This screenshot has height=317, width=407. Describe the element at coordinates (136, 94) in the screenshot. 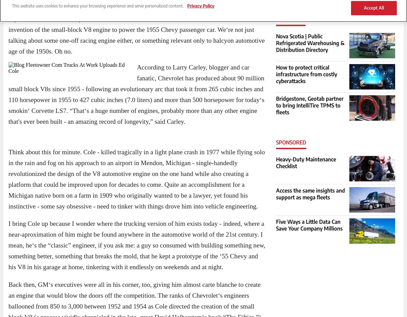

I see `'According to Larry Carley, blogger and car fanatic, Chevrolet has produced about 90 million small block V8s since 1955 - following an evolutionary arc that took it from 265 cubic inches and 110 horsepower in 1955 to 427 cubic inches (7.0 liters) and more than 500 horsepower for today‘s smokin‘ Corvette LS7. “That‘s a huge number of engines, probably more than any other engine that's ever been built - an amazing record of longevity,” said Carley.'` at that location.